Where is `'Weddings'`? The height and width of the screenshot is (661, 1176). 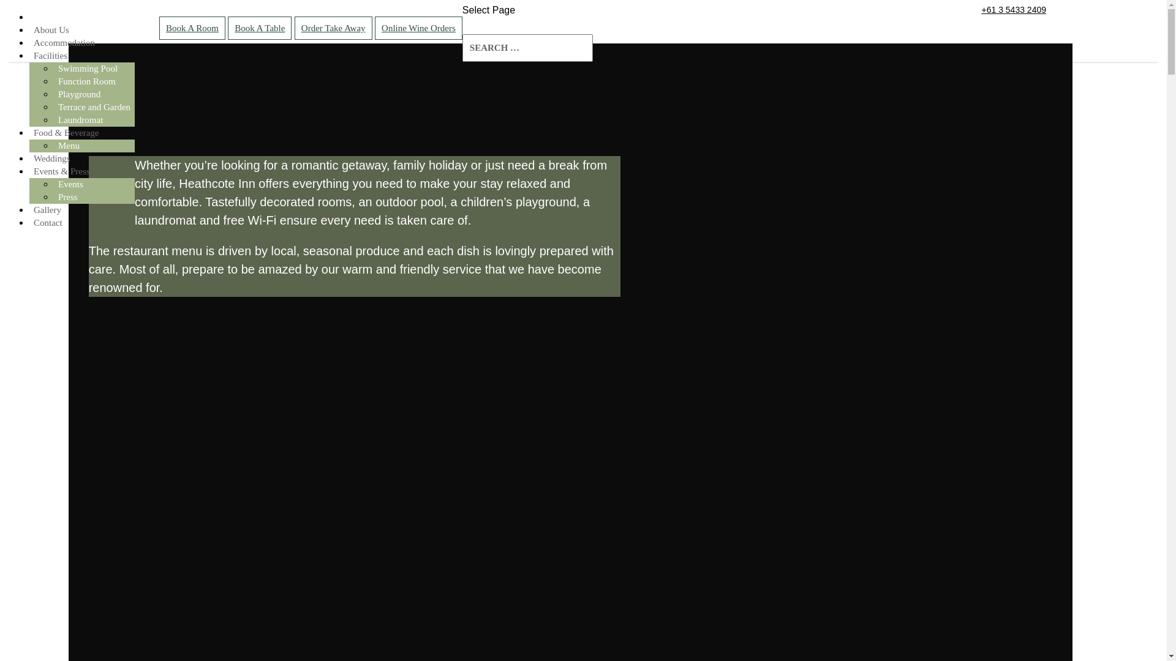 'Weddings' is located at coordinates (51, 157).